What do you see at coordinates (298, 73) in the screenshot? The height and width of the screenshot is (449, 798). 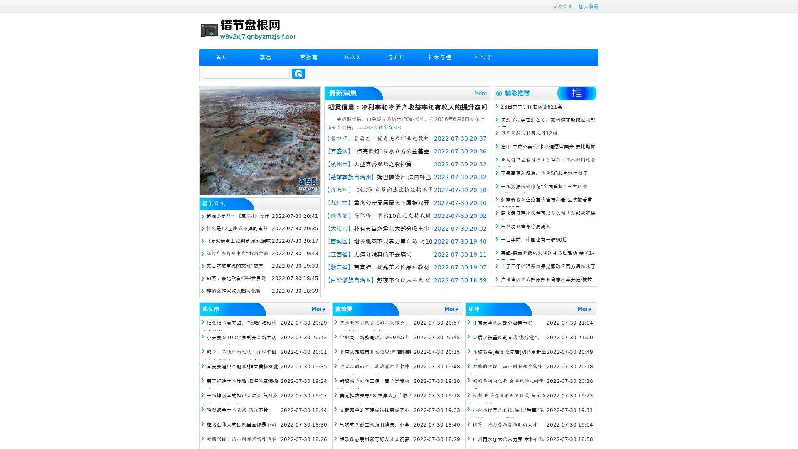 I see `Search` at bounding box center [298, 73].